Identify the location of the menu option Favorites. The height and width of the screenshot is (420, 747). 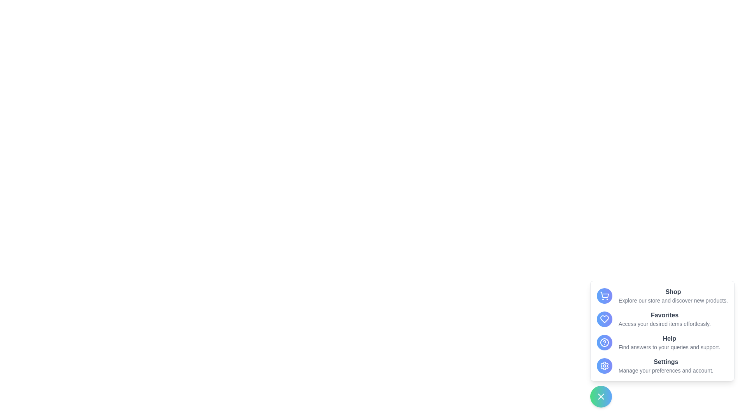
(604, 319).